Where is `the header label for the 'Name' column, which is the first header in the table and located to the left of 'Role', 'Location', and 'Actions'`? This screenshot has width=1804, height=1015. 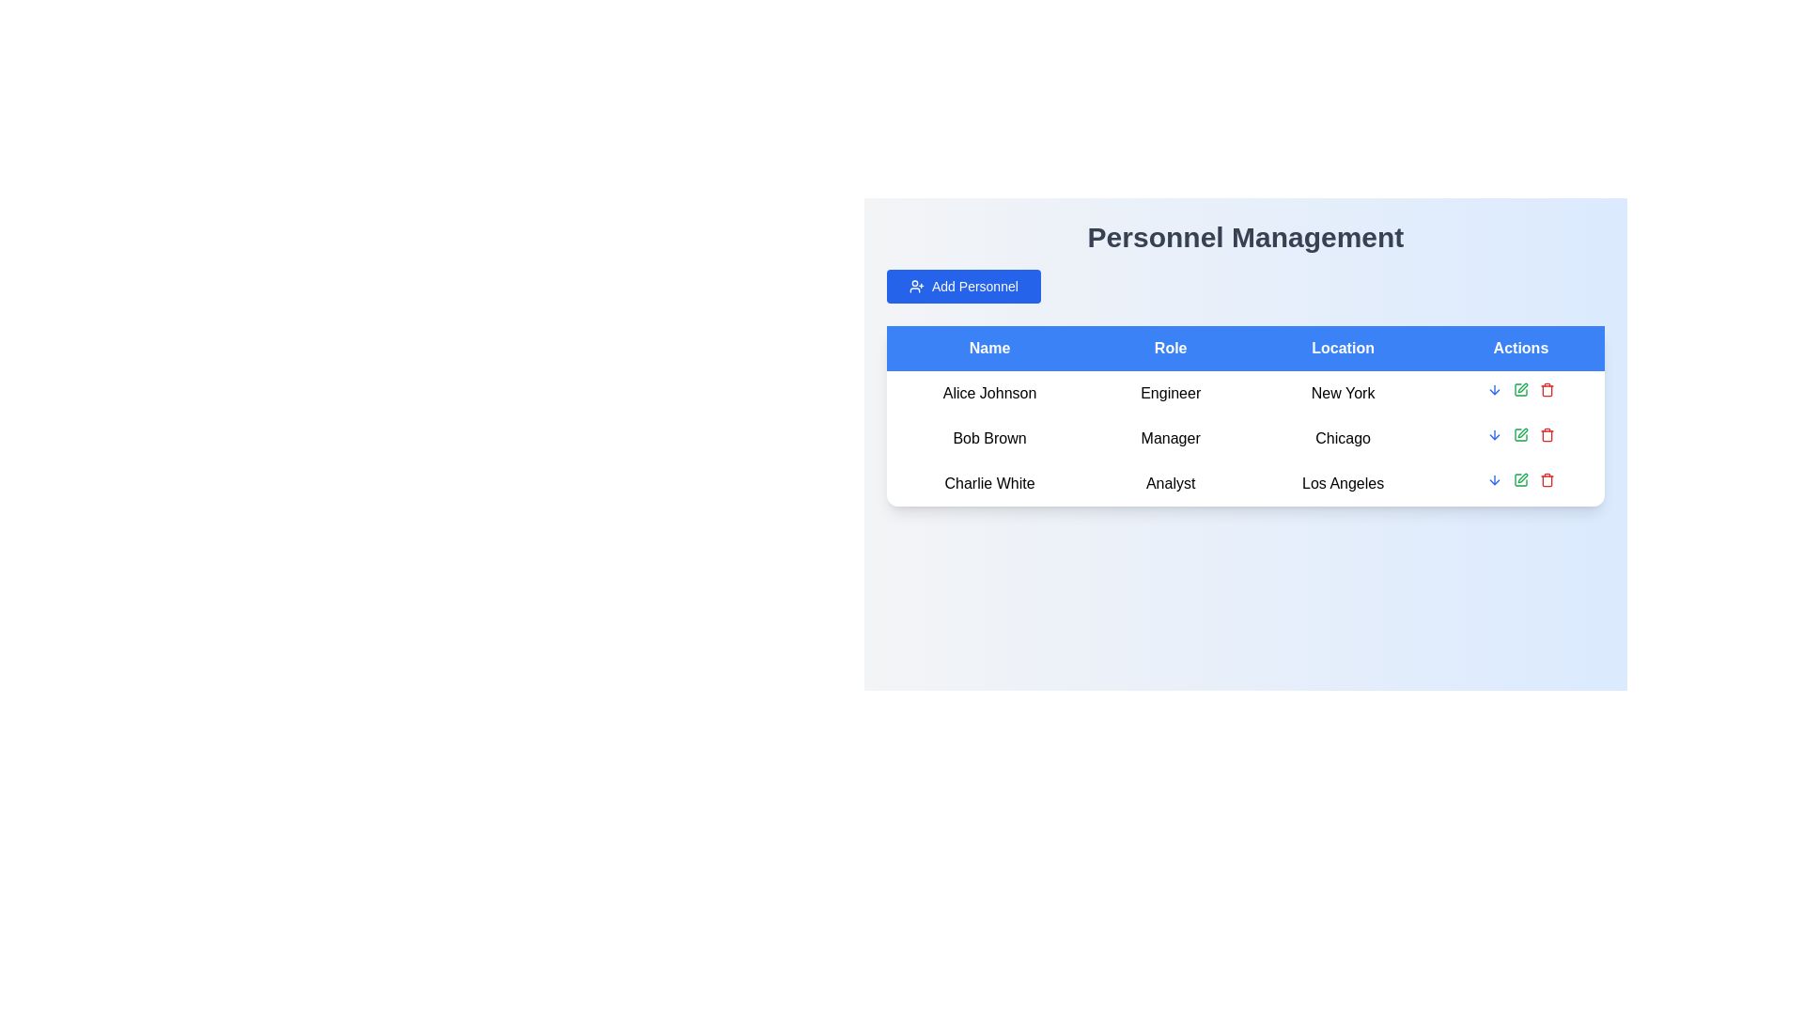
the header label for the 'Name' column, which is the first header in the table and located to the left of 'Role', 'Location', and 'Actions' is located at coordinates (988, 348).